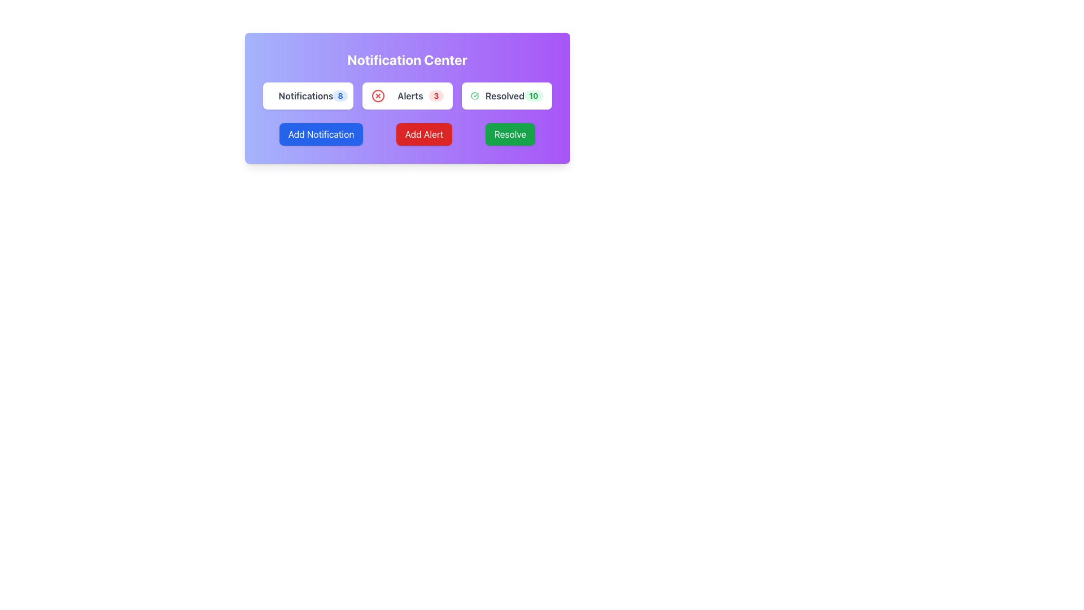  I want to click on the text label indicating the resolved state of items, which is positioned to the right of a green checkmark icon and to the left of a green-highlighted number '10', so click(504, 95).